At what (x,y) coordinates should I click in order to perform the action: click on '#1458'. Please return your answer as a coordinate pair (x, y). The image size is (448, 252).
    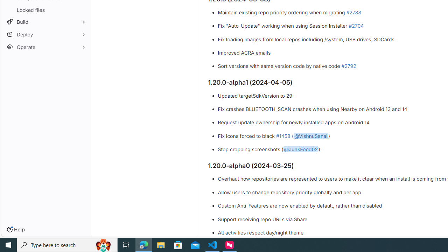
    Looking at the image, I should click on (283, 135).